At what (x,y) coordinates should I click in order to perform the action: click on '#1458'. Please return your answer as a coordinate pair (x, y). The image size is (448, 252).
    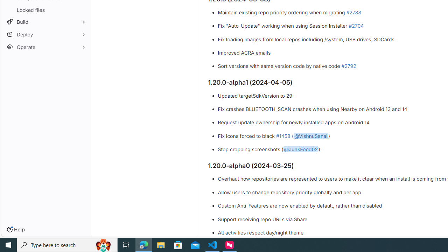
    Looking at the image, I should click on (283, 135).